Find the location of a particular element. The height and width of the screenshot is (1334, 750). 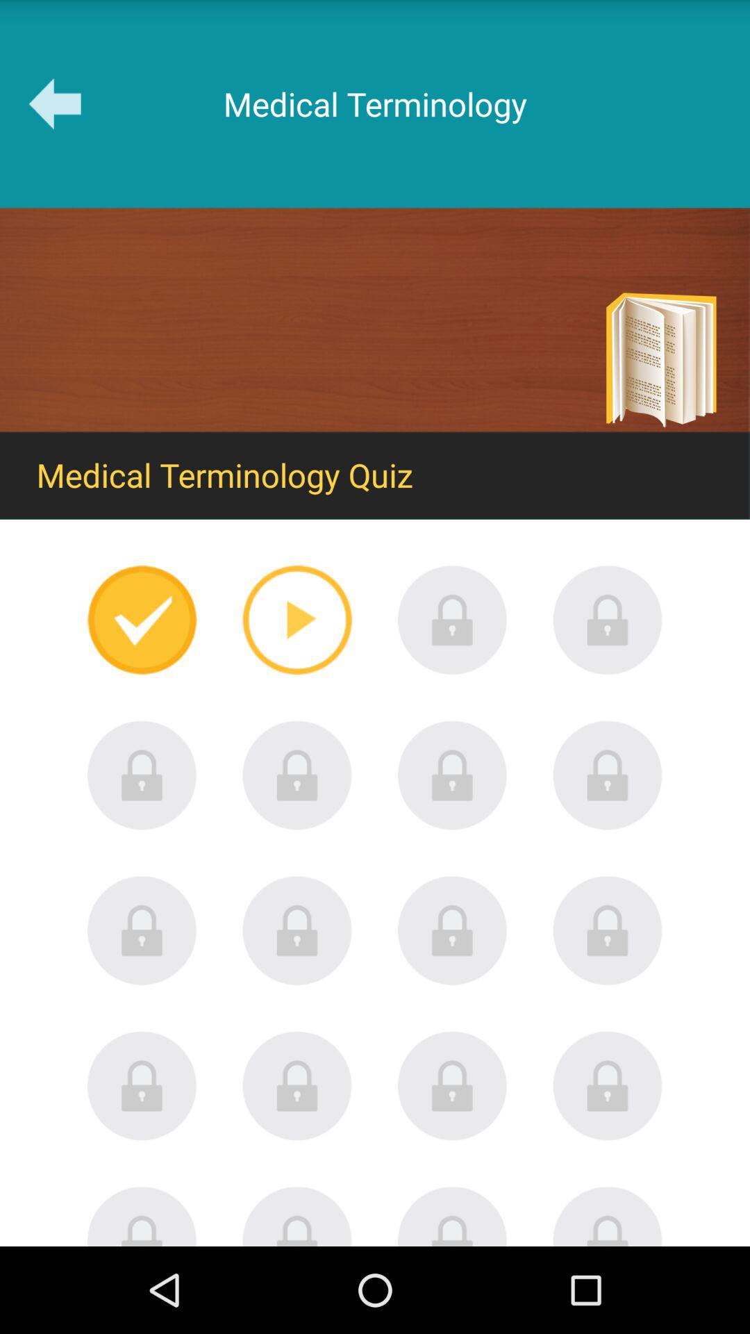

unlock quiz is located at coordinates (297, 775).